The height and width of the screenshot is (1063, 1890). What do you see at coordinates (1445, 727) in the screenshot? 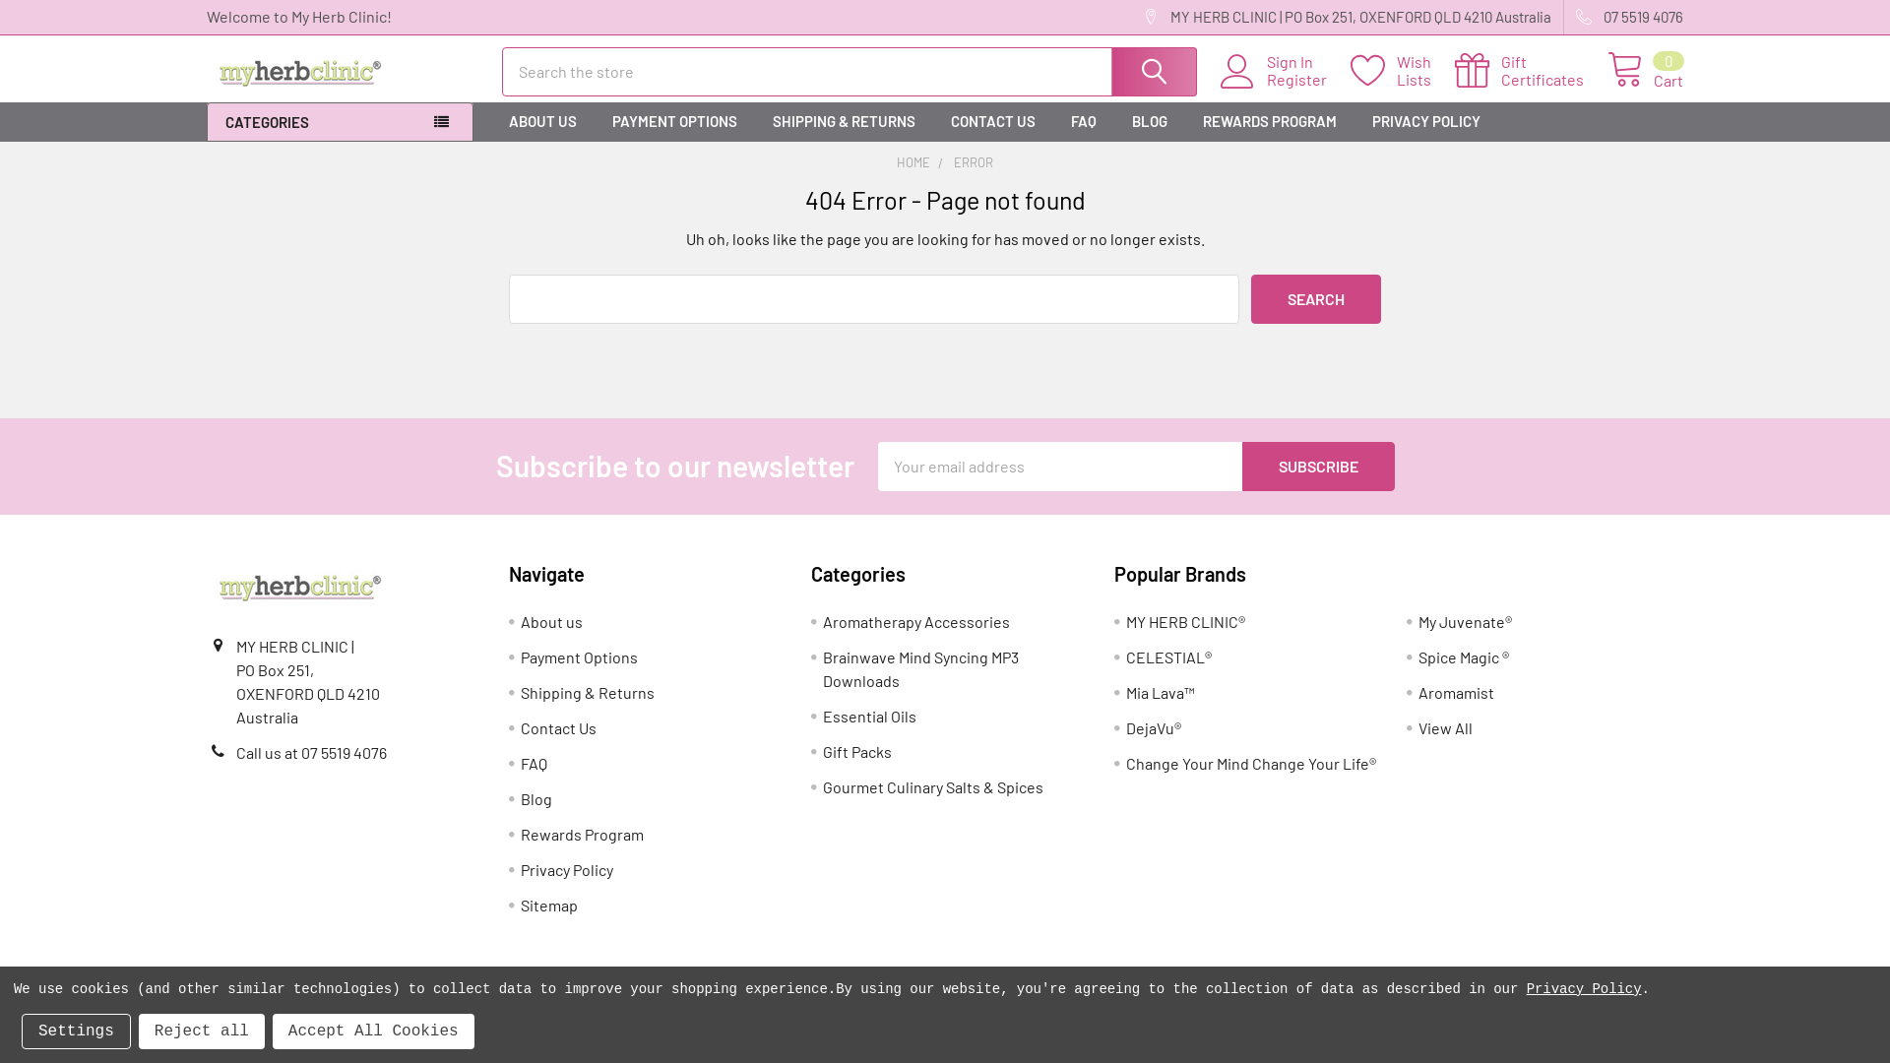
I see `'View All'` at bounding box center [1445, 727].